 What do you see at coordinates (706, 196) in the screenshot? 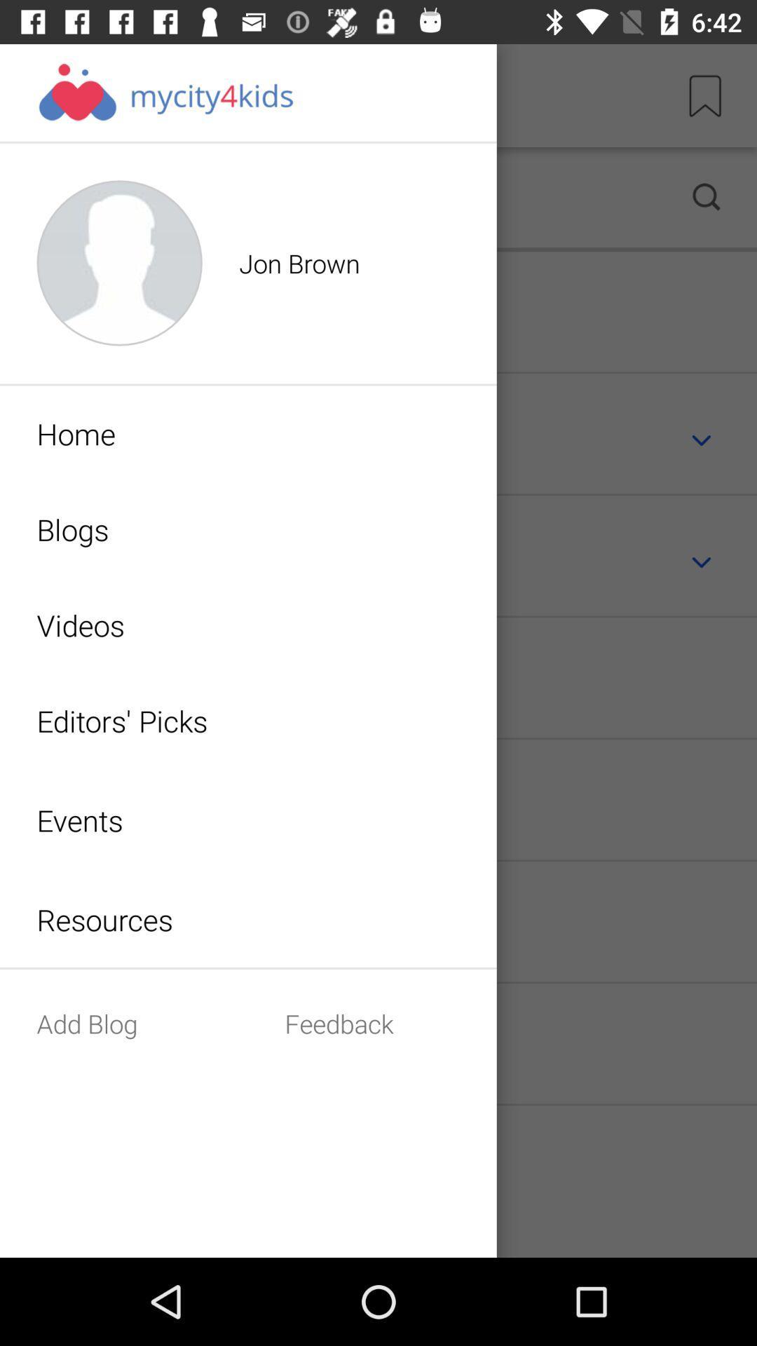
I see `the search icon` at bounding box center [706, 196].